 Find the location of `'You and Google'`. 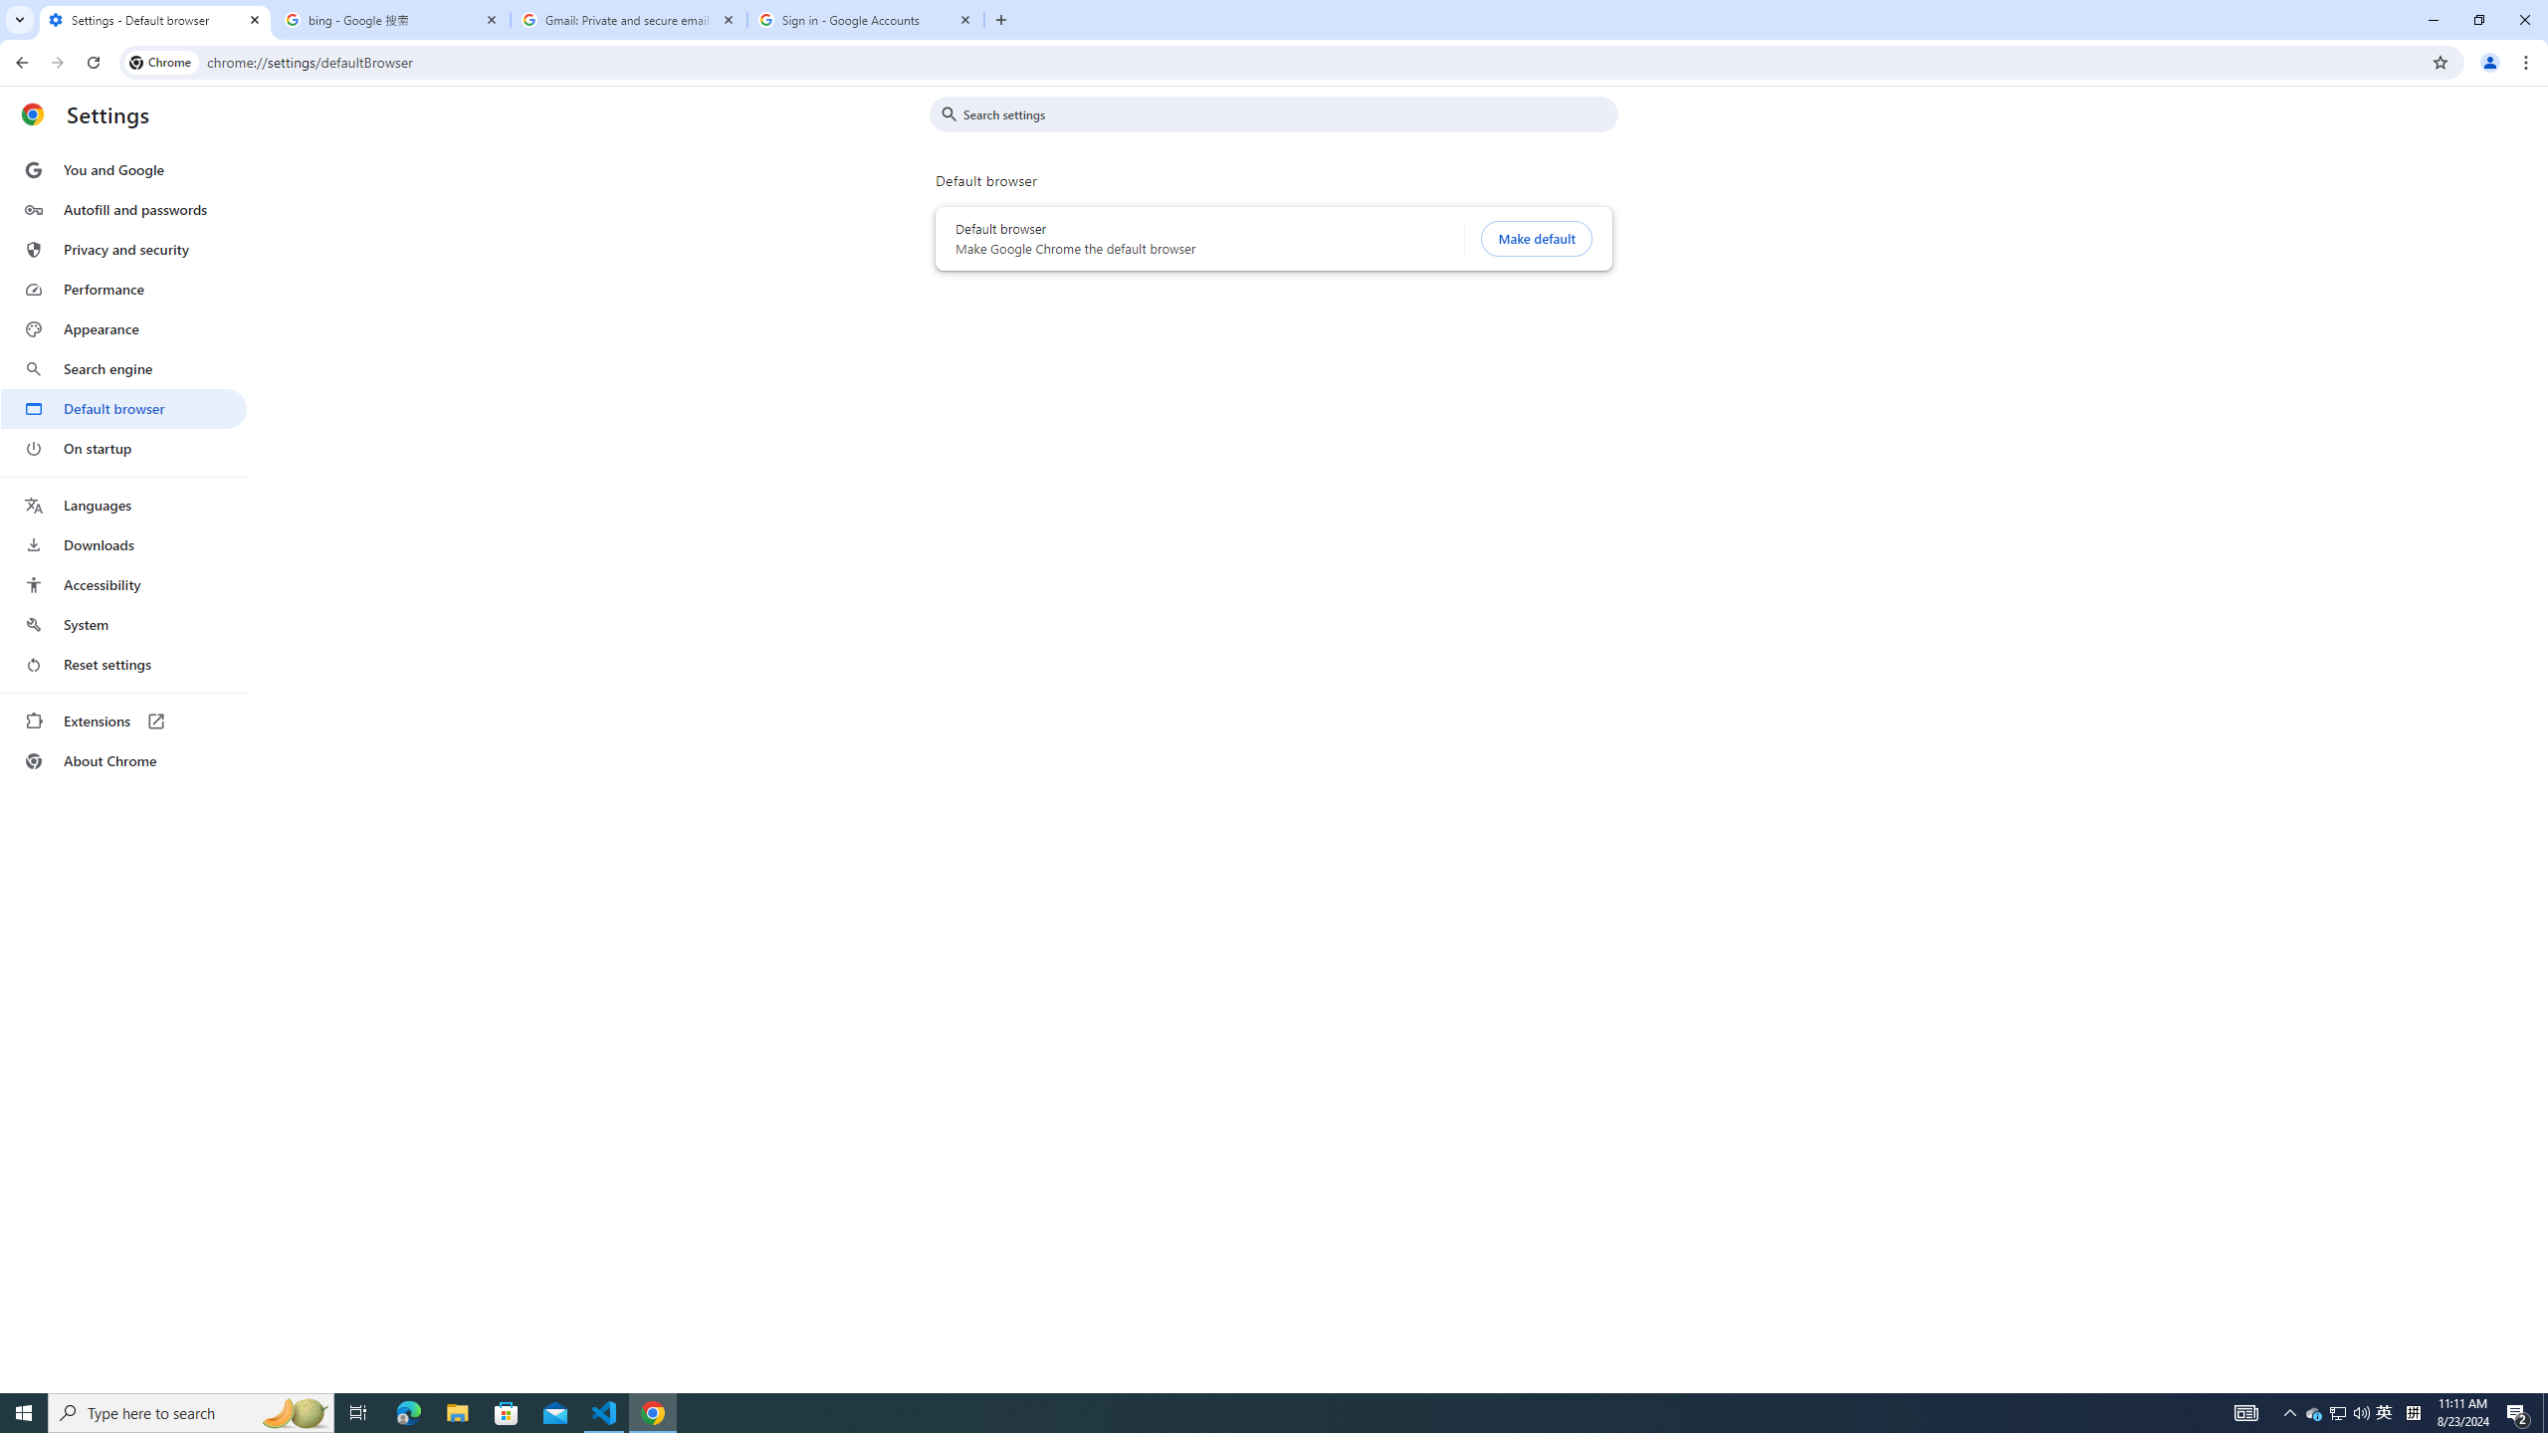

'You and Google' is located at coordinates (122, 170).